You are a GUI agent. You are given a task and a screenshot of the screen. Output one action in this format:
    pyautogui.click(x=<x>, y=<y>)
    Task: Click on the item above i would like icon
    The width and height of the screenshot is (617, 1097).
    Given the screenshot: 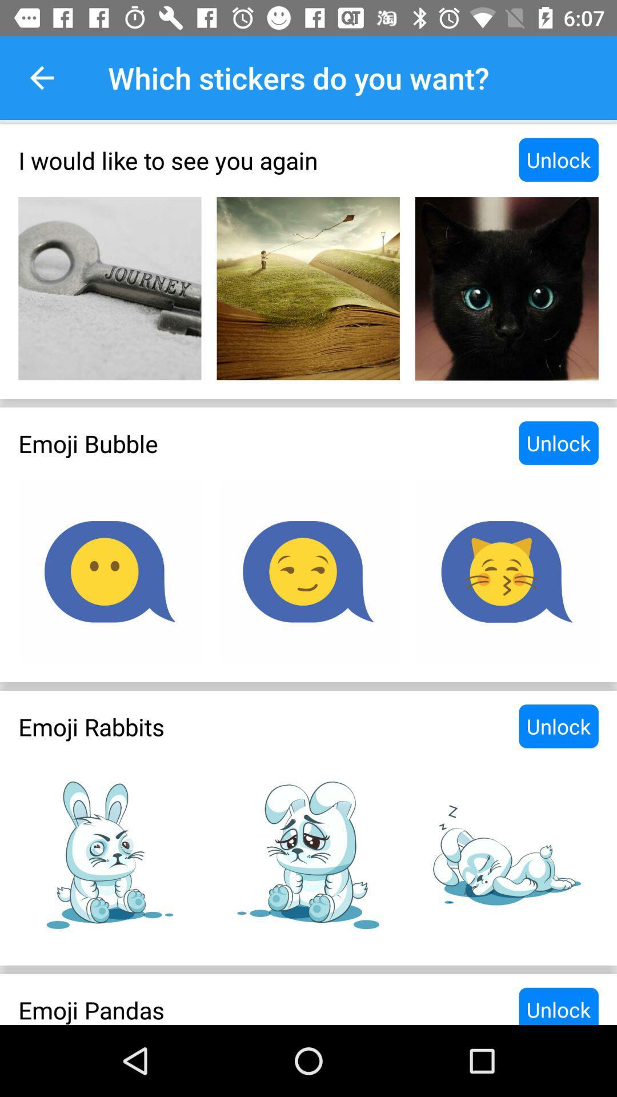 What is the action you would take?
    pyautogui.click(x=41, y=77)
    